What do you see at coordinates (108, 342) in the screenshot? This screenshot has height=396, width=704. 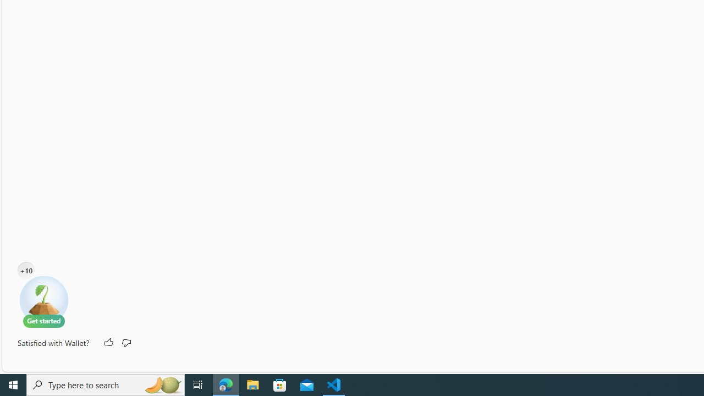 I see `'Like'` at bounding box center [108, 342].